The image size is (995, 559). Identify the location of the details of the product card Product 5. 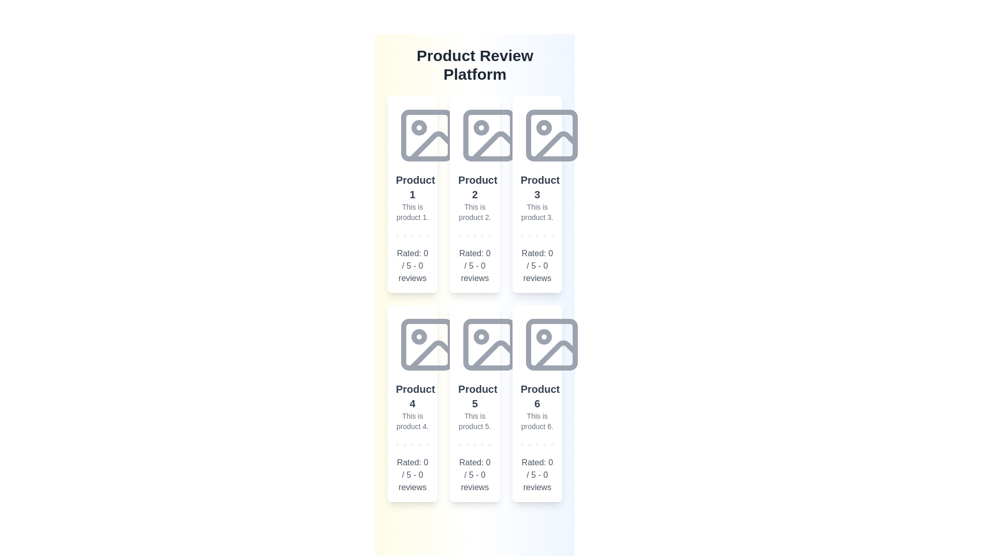
(474, 403).